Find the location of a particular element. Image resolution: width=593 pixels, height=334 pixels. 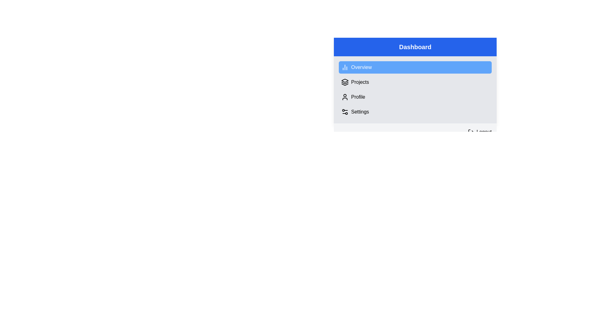

the 'Settings' label in the sidebar menu, which serves as the textual identifier for the settings section, located under the 'Profile' option is located at coordinates (360, 112).